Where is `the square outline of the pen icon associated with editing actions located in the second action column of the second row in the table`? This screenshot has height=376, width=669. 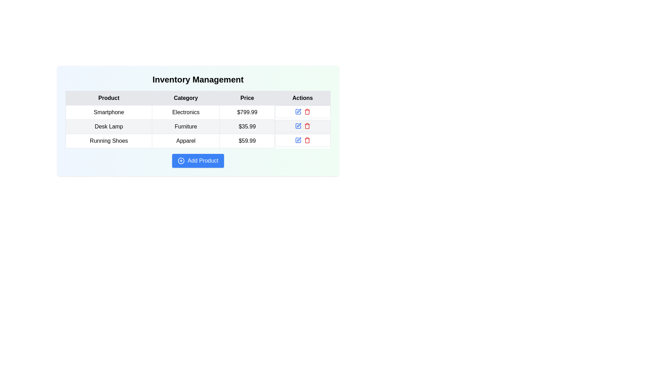 the square outline of the pen icon associated with editing actions located in the second action column of the second row in the table is located at coordinates (298, 126).